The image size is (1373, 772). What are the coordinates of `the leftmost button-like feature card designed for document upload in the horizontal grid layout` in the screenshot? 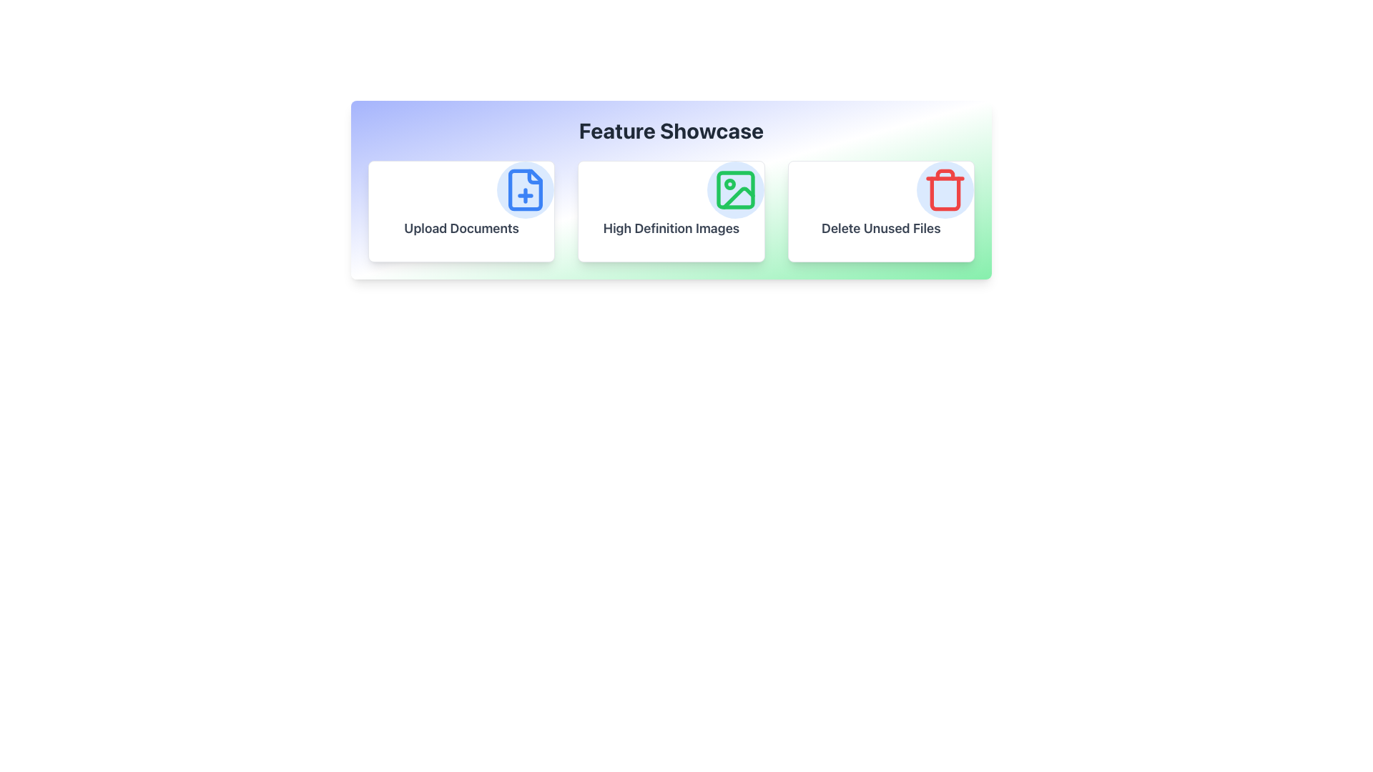 It's located at (461, 212).